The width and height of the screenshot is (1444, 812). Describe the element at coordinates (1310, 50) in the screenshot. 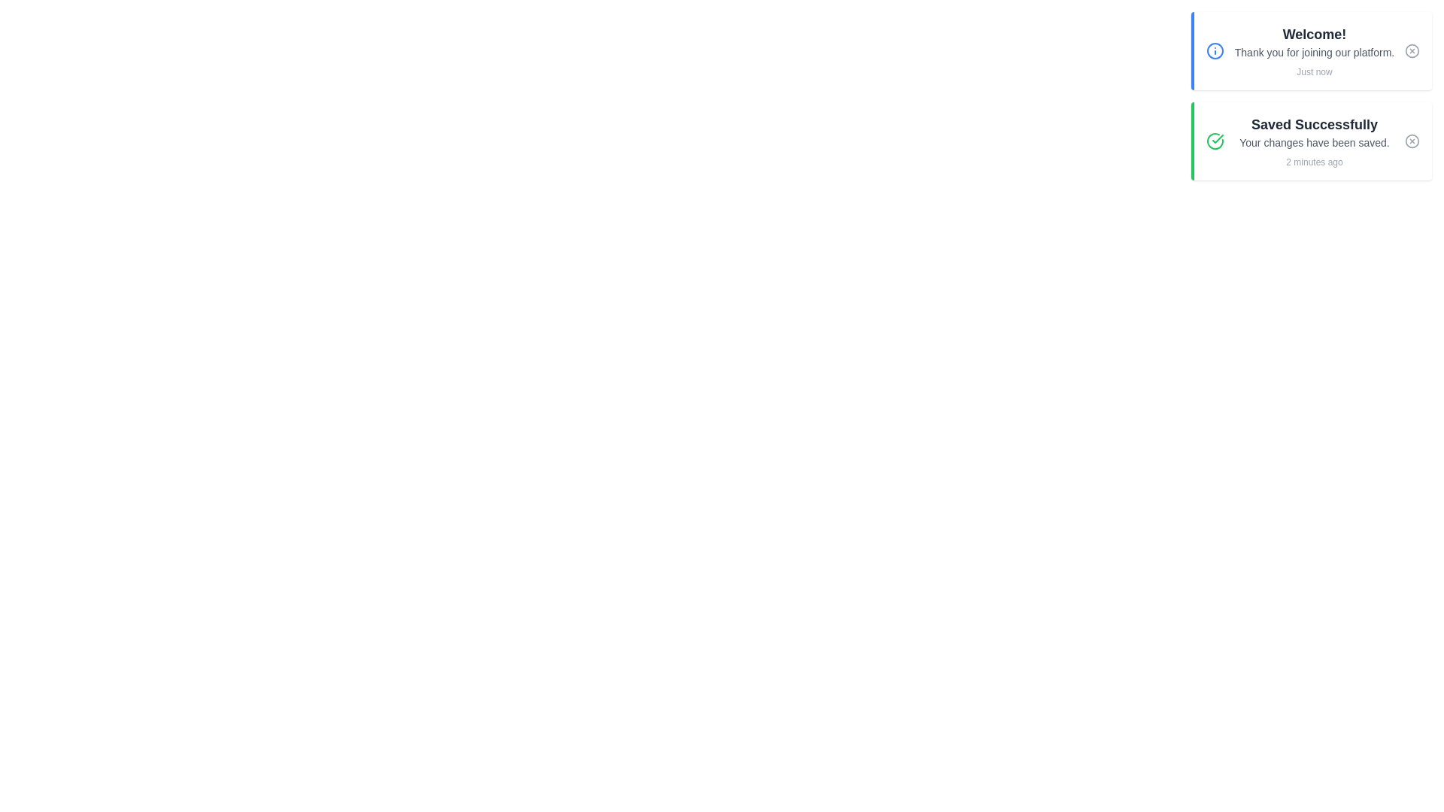

I see `the notification message to read it` at that location.